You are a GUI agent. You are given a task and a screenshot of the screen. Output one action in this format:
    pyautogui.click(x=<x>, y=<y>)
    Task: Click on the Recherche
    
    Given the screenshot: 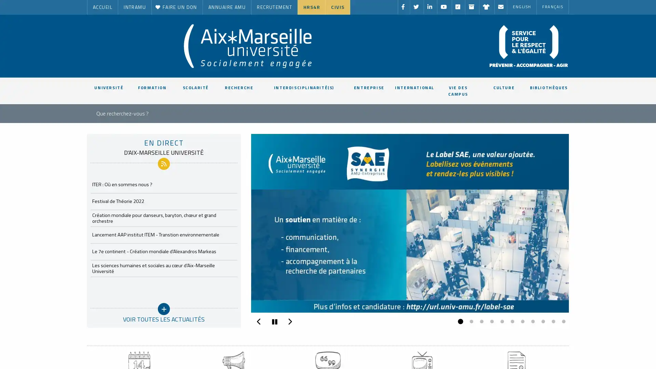 What is the action you would take?
    pyautogui.click(x=280, y=112)
    